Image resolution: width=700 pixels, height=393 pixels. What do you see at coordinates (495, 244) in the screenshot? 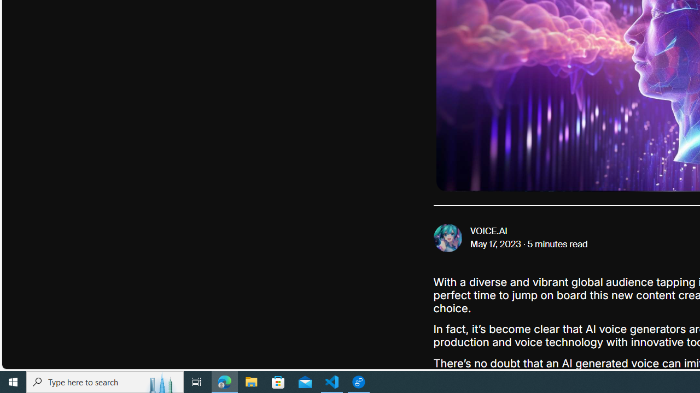
I see `'May 17, 2023'` at bounding box center [495, 244].